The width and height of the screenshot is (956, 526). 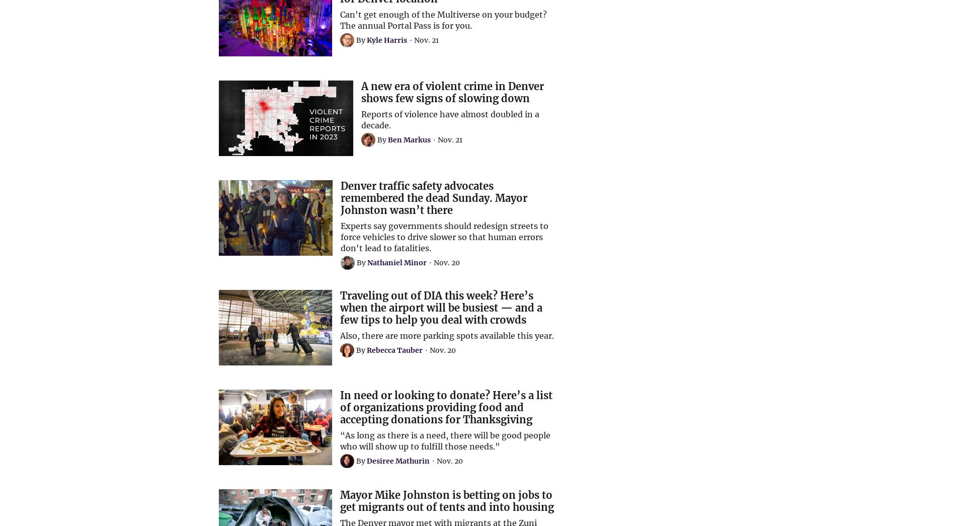 What do you see at coordinates (445, 440) in the screenshot?
I see `'“As long as there is a need, there will be good people who will show up to fulfill those needs."'` at bounding box center [445, 440].